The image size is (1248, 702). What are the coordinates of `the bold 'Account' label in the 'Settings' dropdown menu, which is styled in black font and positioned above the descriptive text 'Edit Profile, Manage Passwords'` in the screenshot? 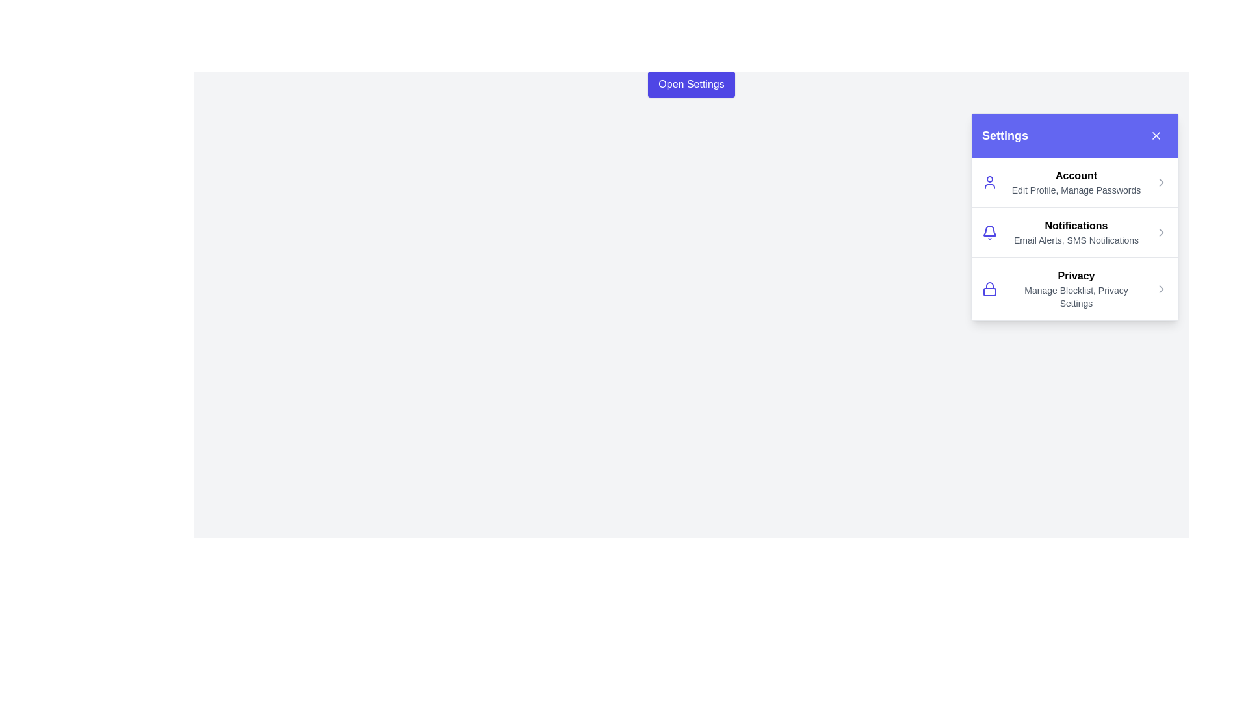 It's located at (1076, 175).